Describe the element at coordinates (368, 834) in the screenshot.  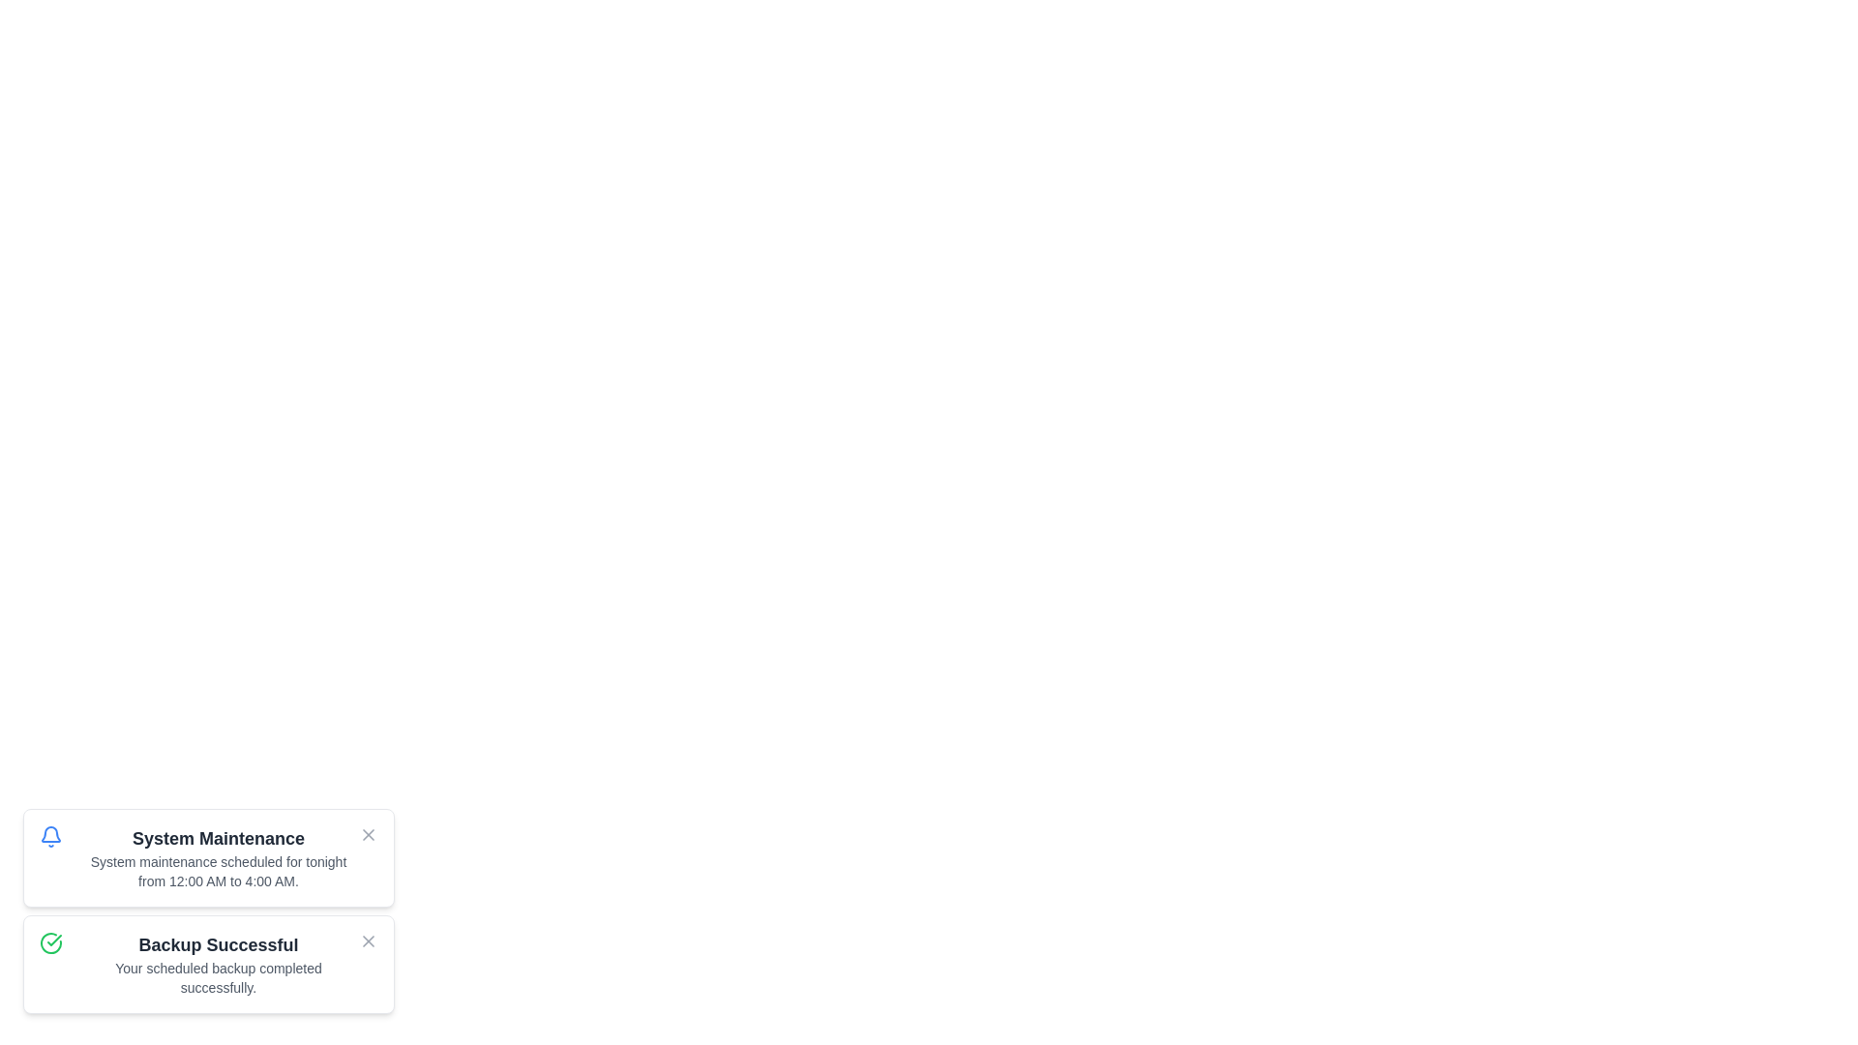
I see `the 'X' button located at the top-right corner of the notification card` at that location.